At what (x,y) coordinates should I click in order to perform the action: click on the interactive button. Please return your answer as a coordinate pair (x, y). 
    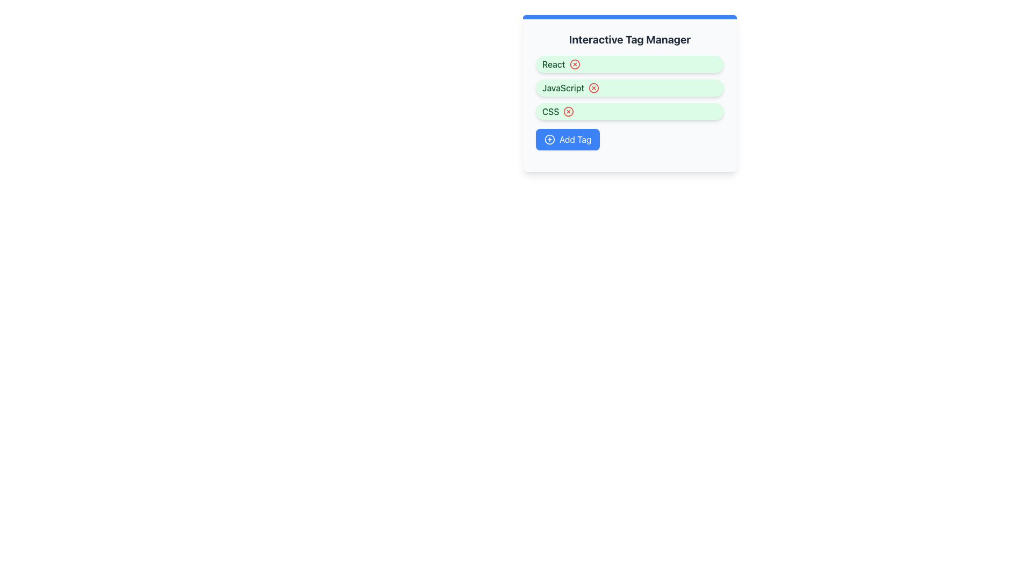
    Looking at the image, I should click on (593, 88).